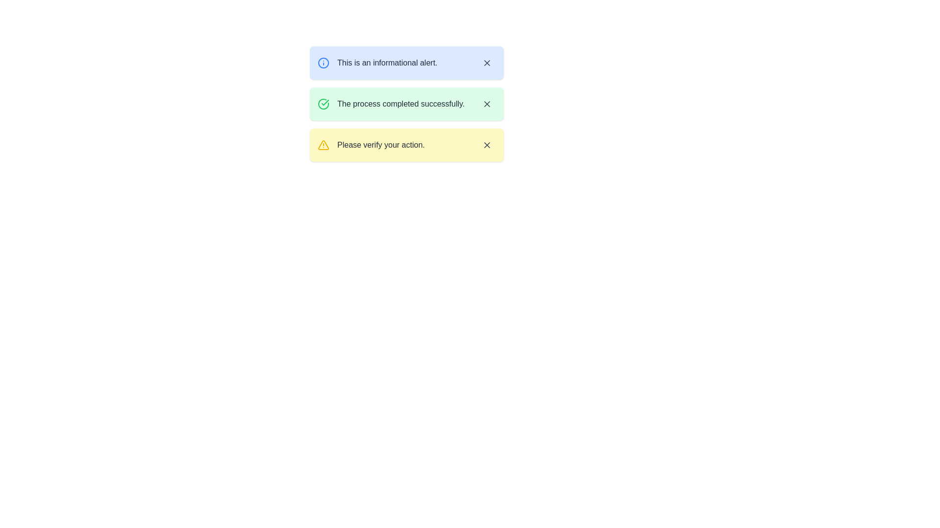 The width and height of the screenshot is (940, 528). What do you see at coordinates (324, 145) in the screenshot?
I see `the warning icon in the third notification card, which serves as a visual indicator for warning messages` at bounding box center [324, 145].